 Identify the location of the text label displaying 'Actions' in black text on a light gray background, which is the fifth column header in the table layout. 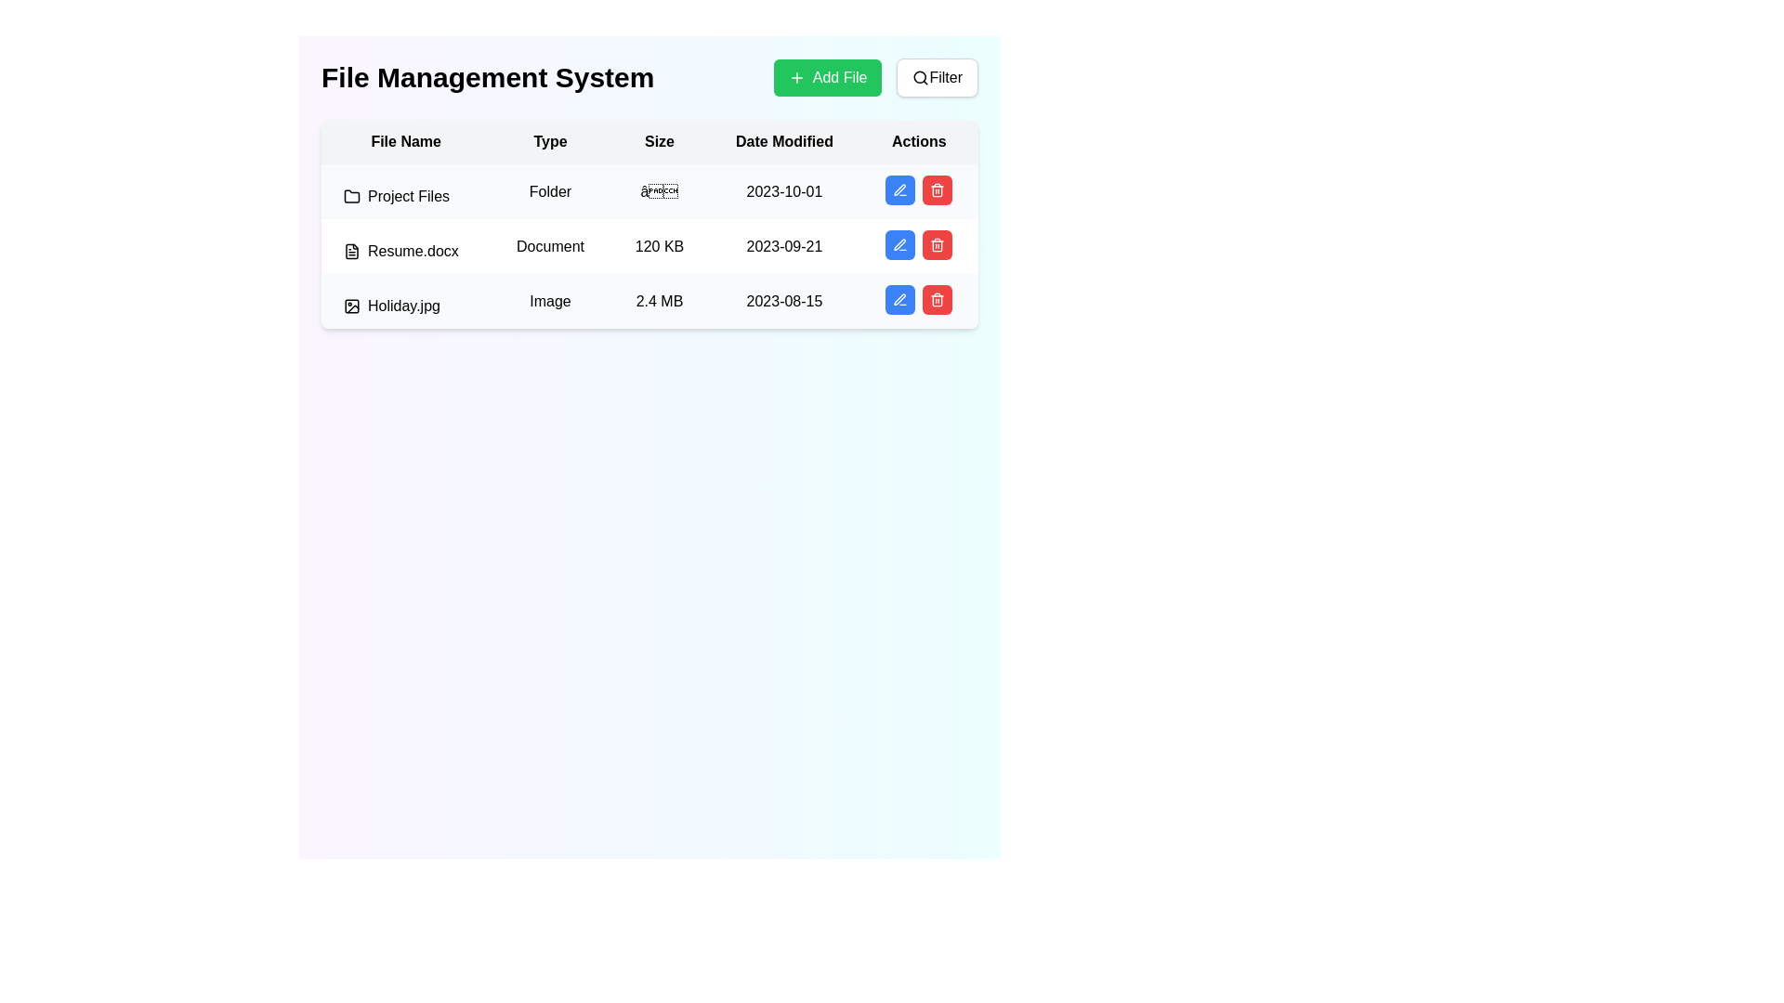
(919, 141).